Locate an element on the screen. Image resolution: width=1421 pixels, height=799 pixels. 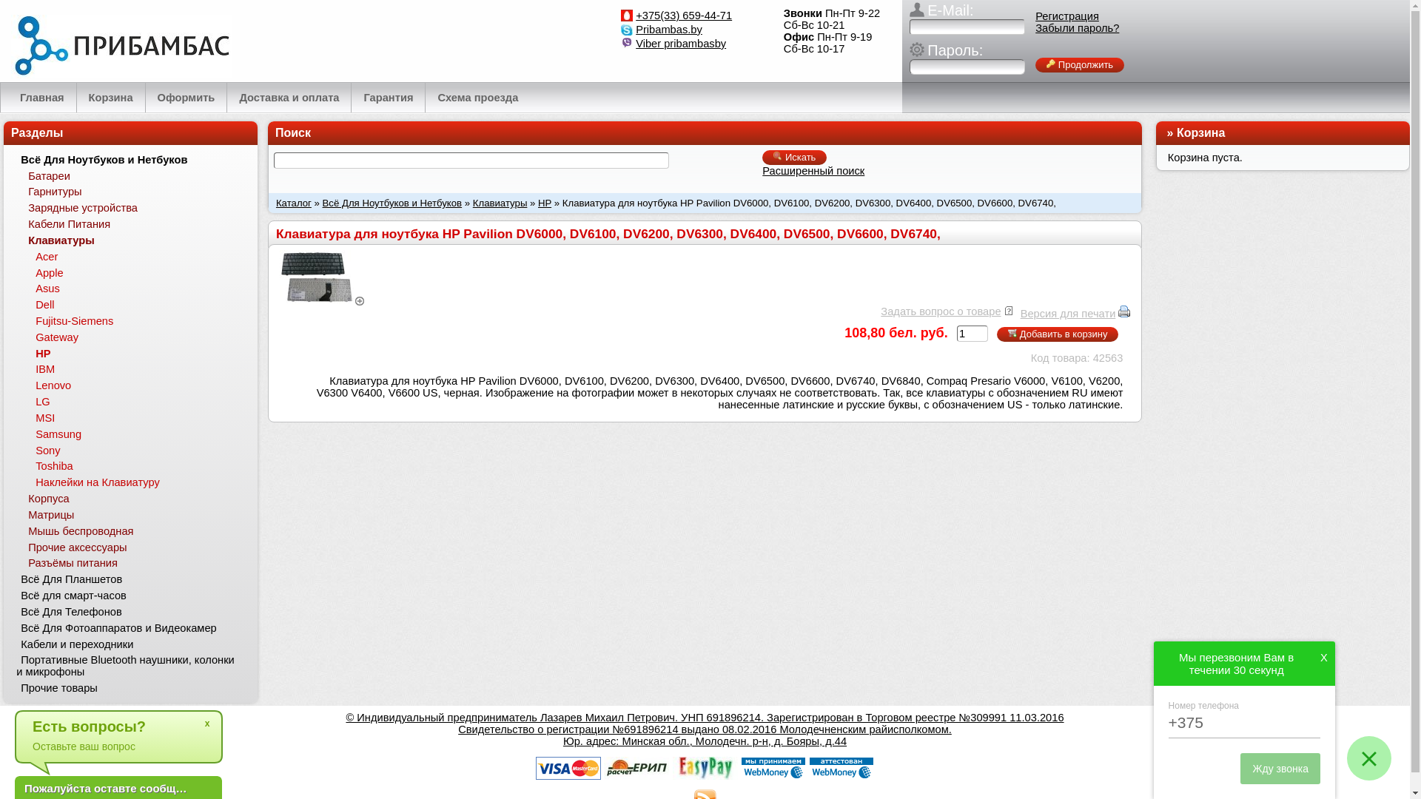
'x' is located at coordinates (206, 723).